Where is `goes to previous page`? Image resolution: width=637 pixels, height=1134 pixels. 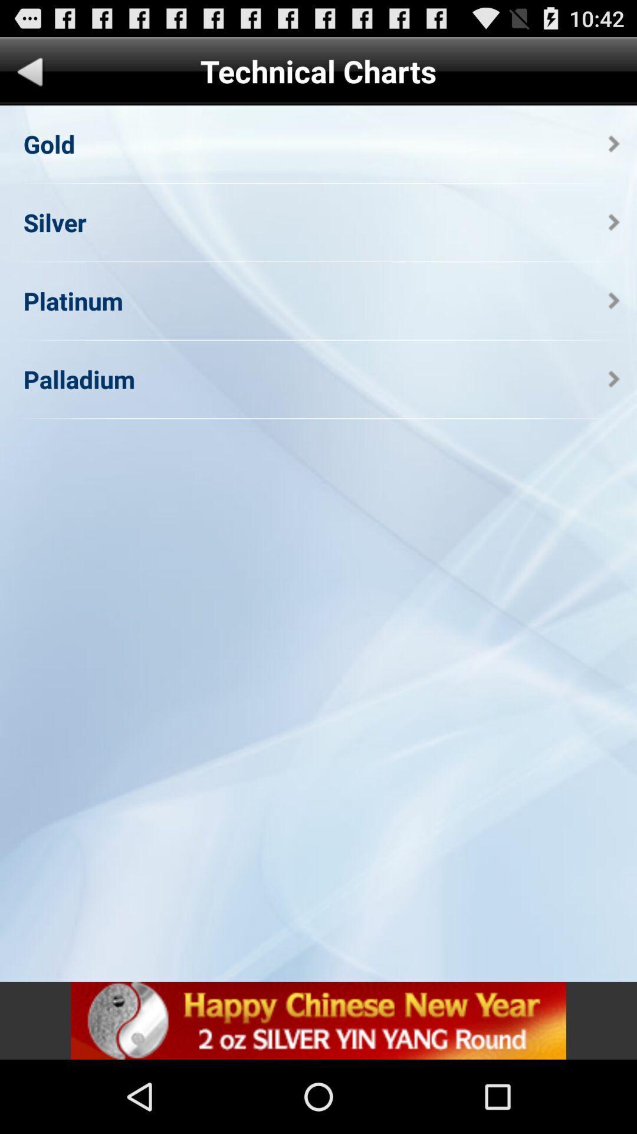 goes to previous page is located at coordinates (29, 73).